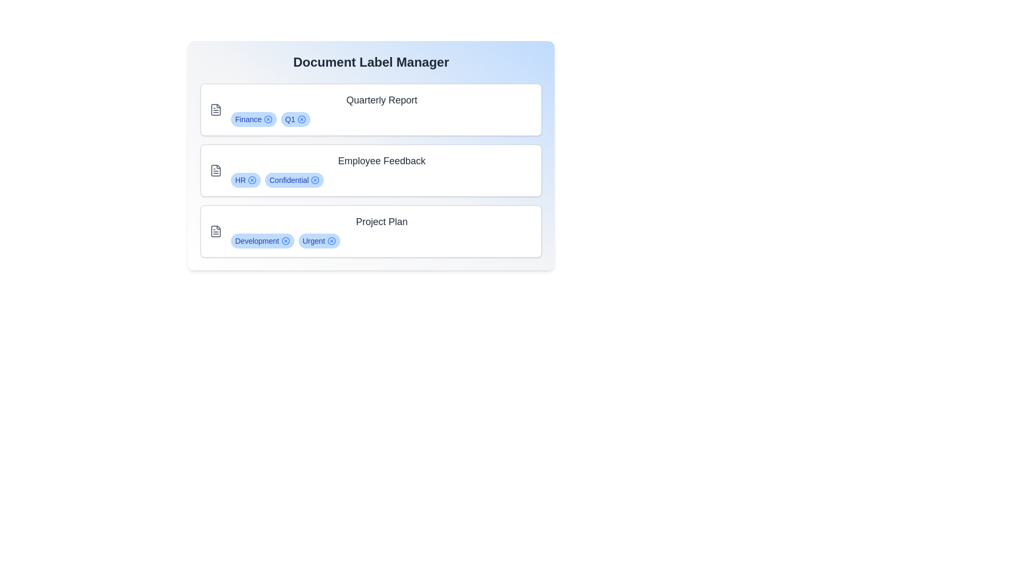  I want to click on the label Confidential from the document Employee Feedback, so click(315, 180).